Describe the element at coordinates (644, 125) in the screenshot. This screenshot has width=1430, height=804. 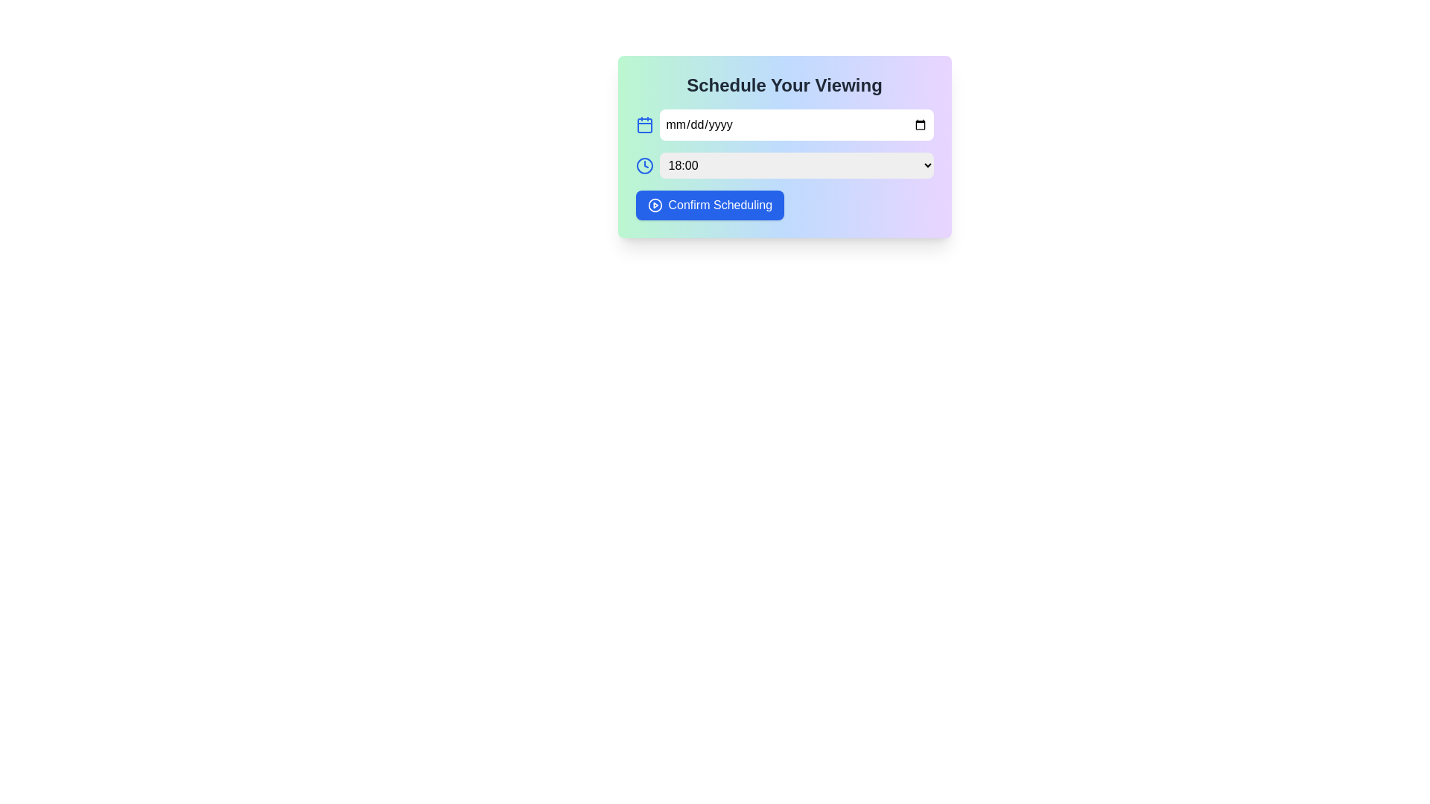
I see `the decorative background of the calendar icon located to the left of the first input field, which signifies date selection functionality` at that location.